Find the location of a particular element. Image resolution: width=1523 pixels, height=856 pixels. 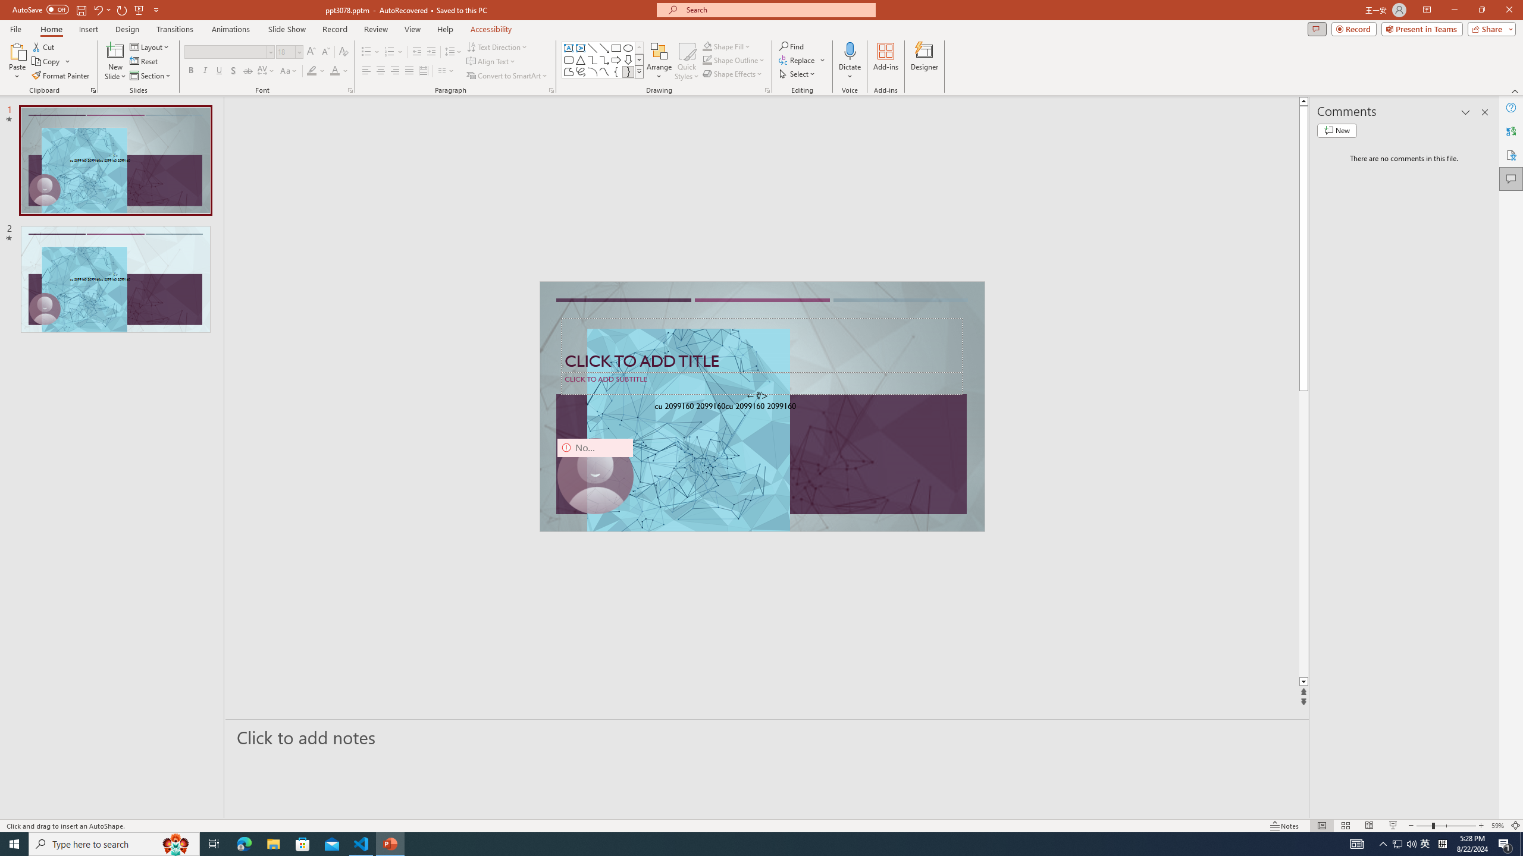

'Section' is located at coordinates (151, 75).